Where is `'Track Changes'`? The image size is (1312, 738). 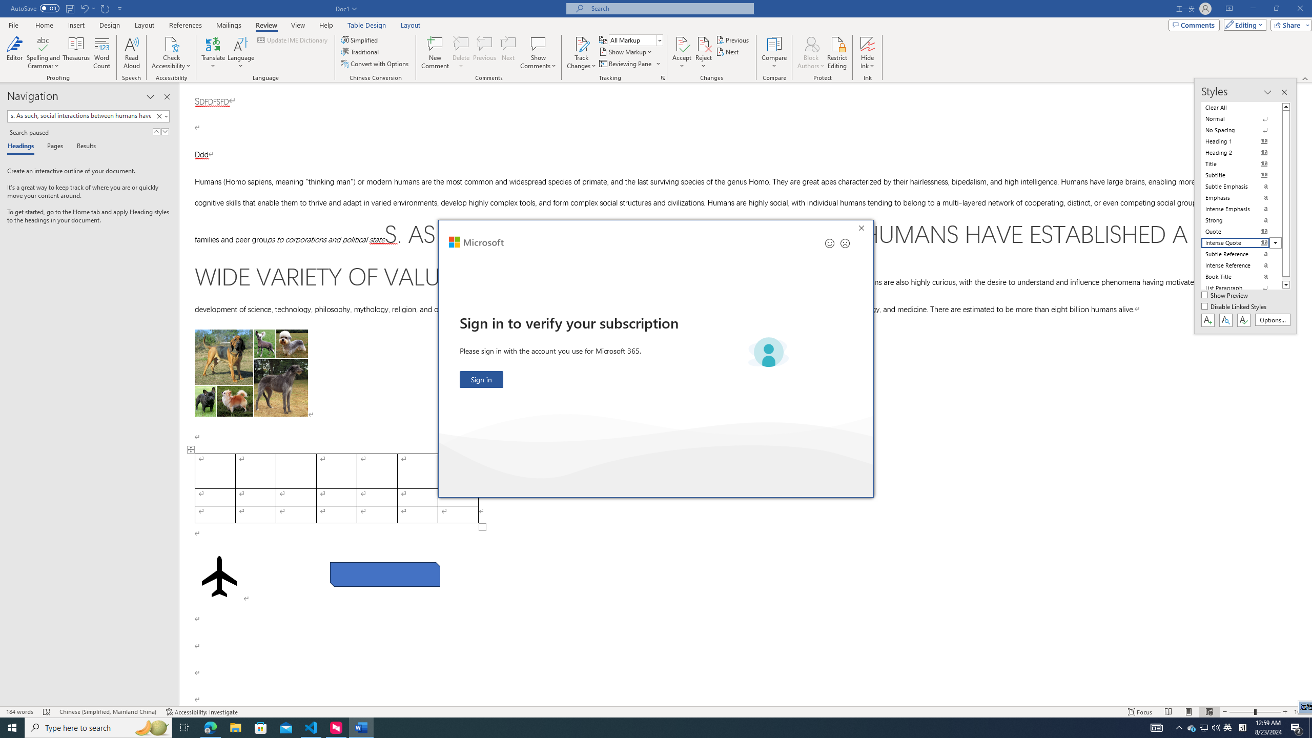 'Track Changes' is located at coordinates (581, 53).